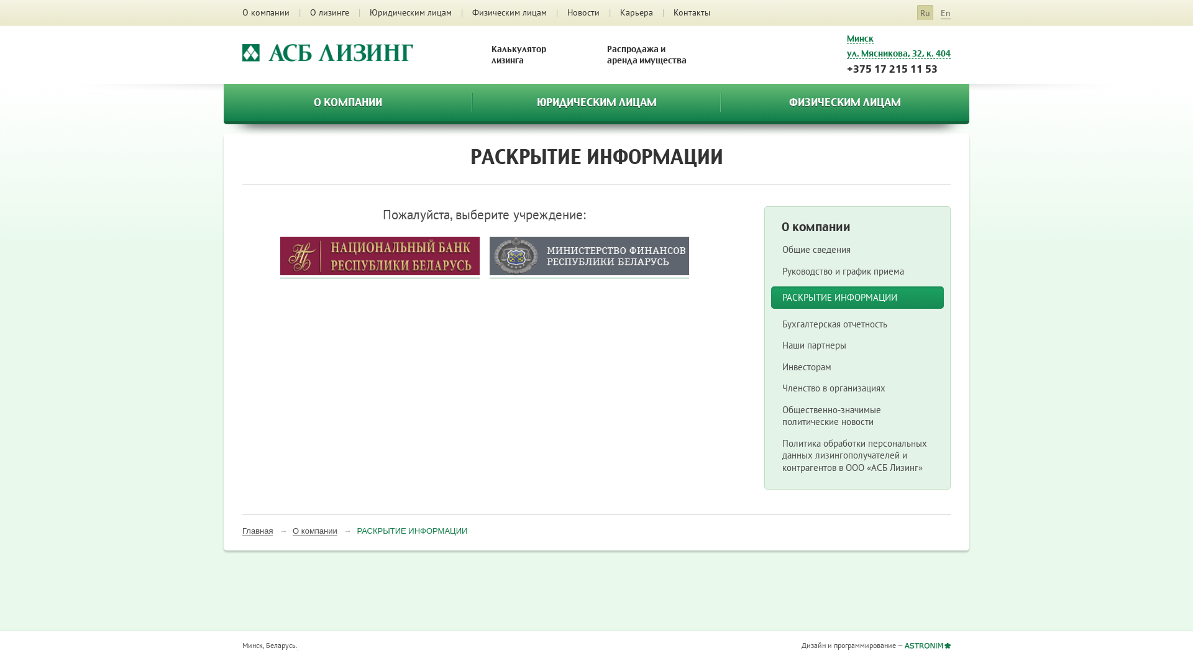 The image size is (1193, 671). I want to click on 'En', so click(944, 13).